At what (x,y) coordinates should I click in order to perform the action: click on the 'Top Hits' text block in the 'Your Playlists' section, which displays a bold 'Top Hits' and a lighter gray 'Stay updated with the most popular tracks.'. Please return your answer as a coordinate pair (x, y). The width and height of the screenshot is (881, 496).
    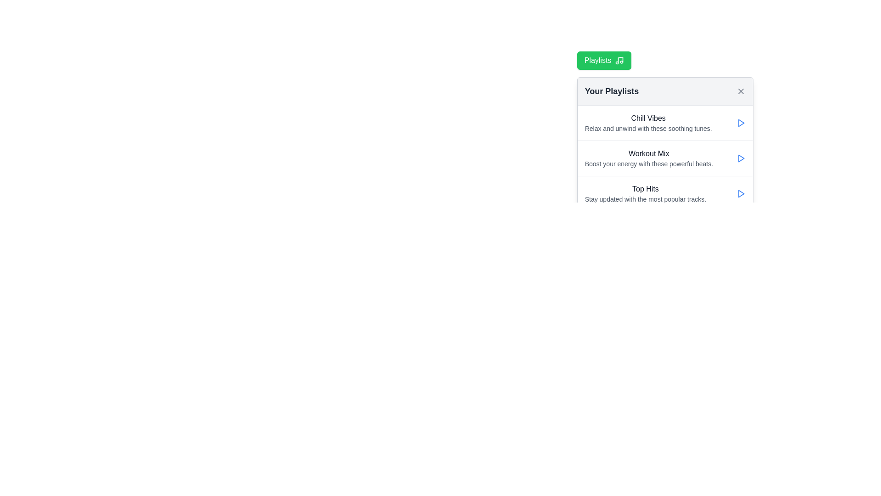
    Looking at the image, I should click on (645, 193).